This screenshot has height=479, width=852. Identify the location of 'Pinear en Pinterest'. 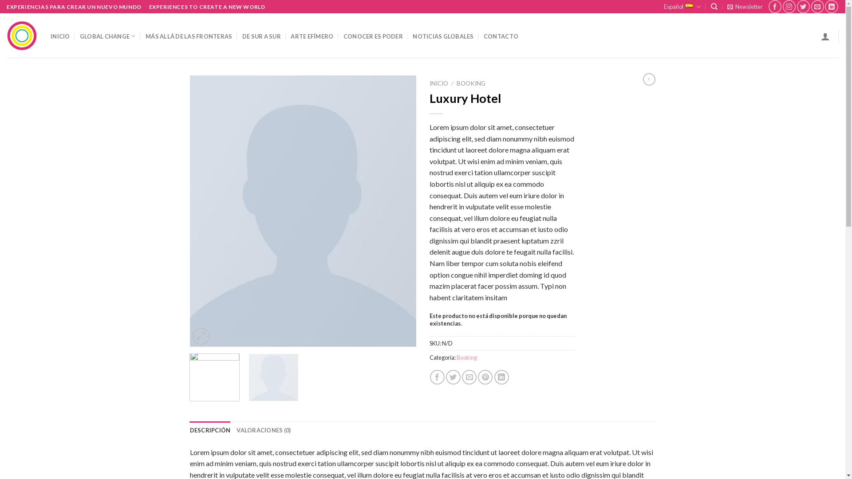
(485, 377).